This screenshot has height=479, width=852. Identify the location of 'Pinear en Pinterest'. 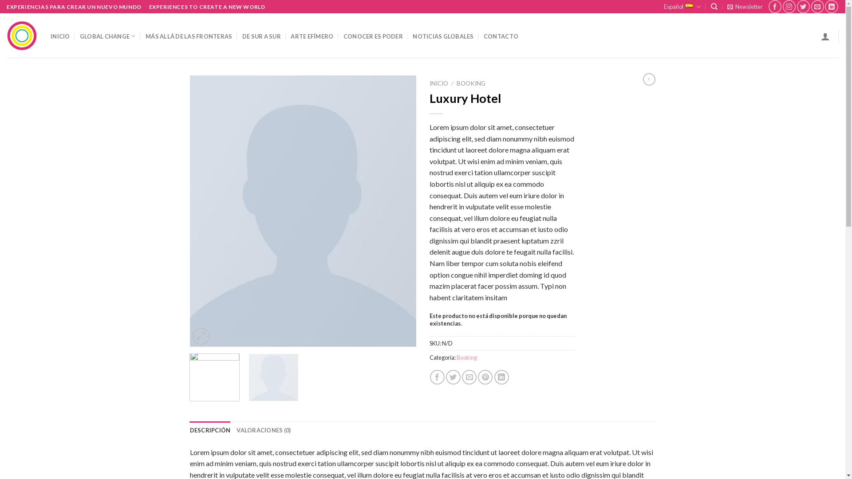
(485, 377).